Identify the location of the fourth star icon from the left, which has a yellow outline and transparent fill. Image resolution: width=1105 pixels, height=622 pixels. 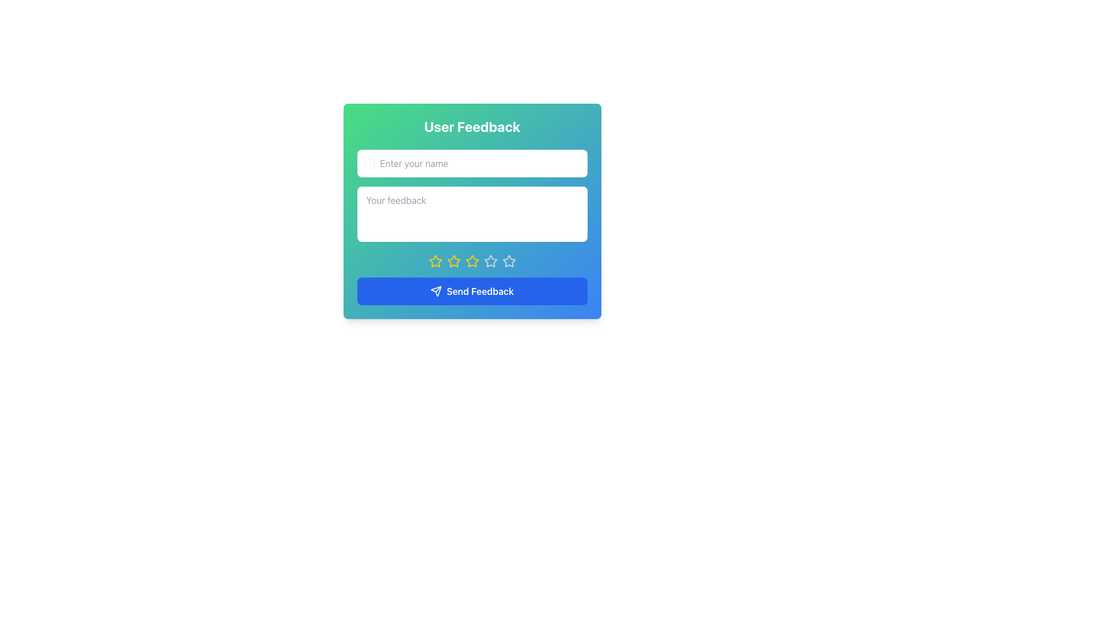
(472, 261).